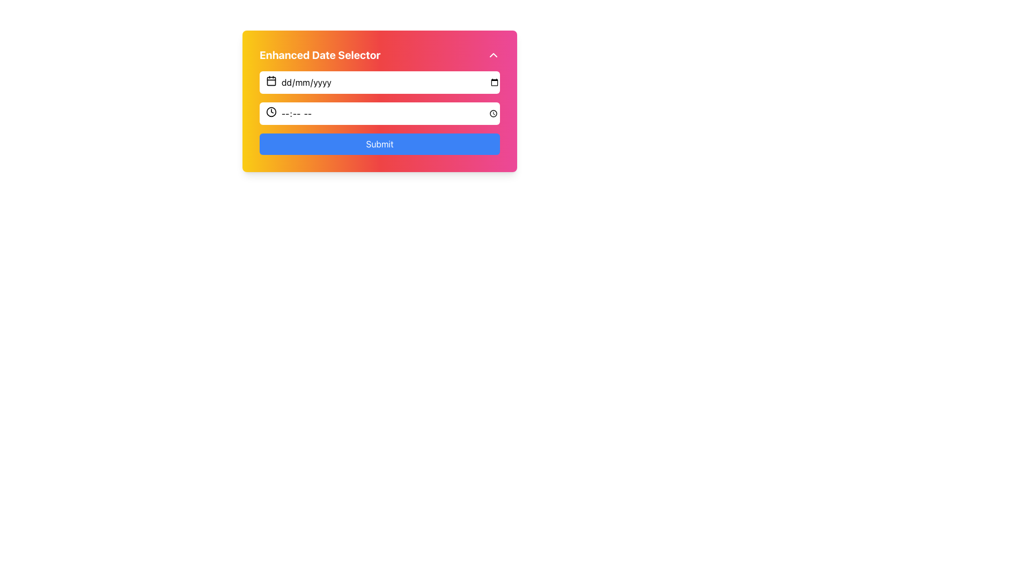  What do you see at coordinates (319, 55) in the screenshot?
I see `the Text Label that serves as the title for the date selector component, positioned at the top left of the gradient header` at bounding box center [319, 55].